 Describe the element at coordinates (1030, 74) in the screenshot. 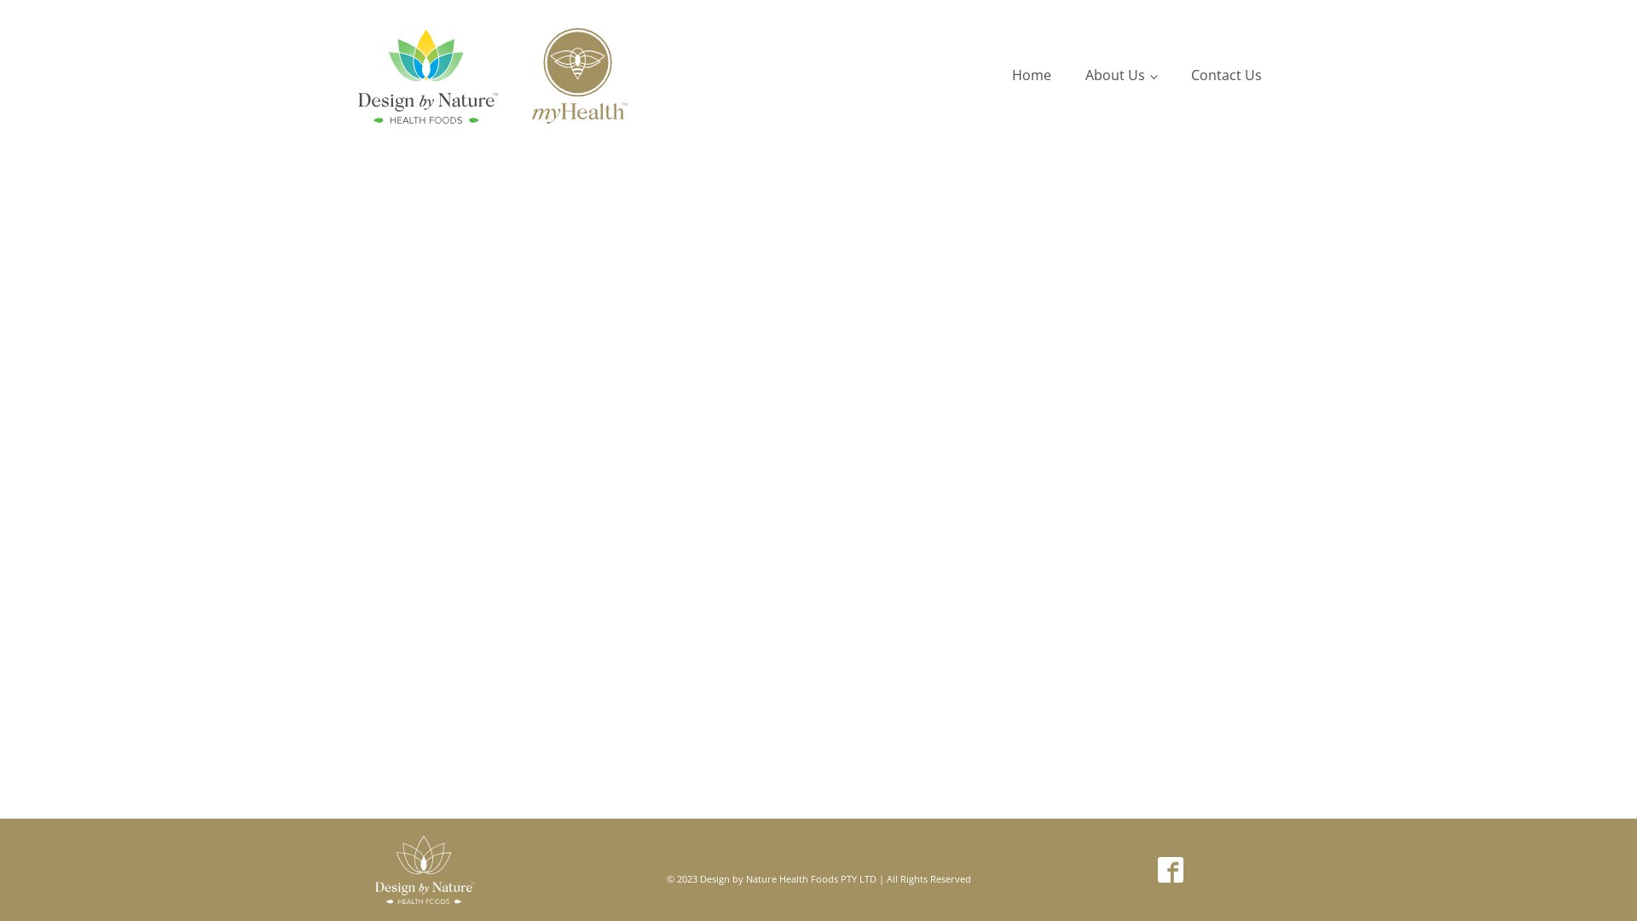

I see `'Home'` at that location.